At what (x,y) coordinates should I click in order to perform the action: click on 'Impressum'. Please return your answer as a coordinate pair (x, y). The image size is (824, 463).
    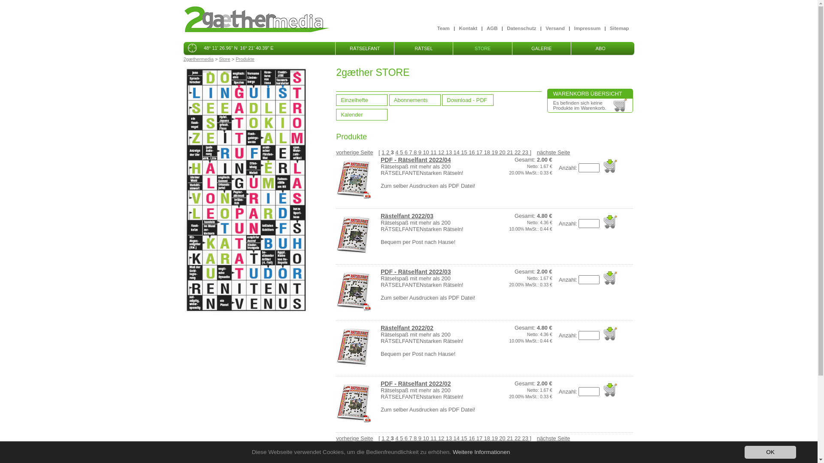
    Looking at the image, I should click on (587, 27).